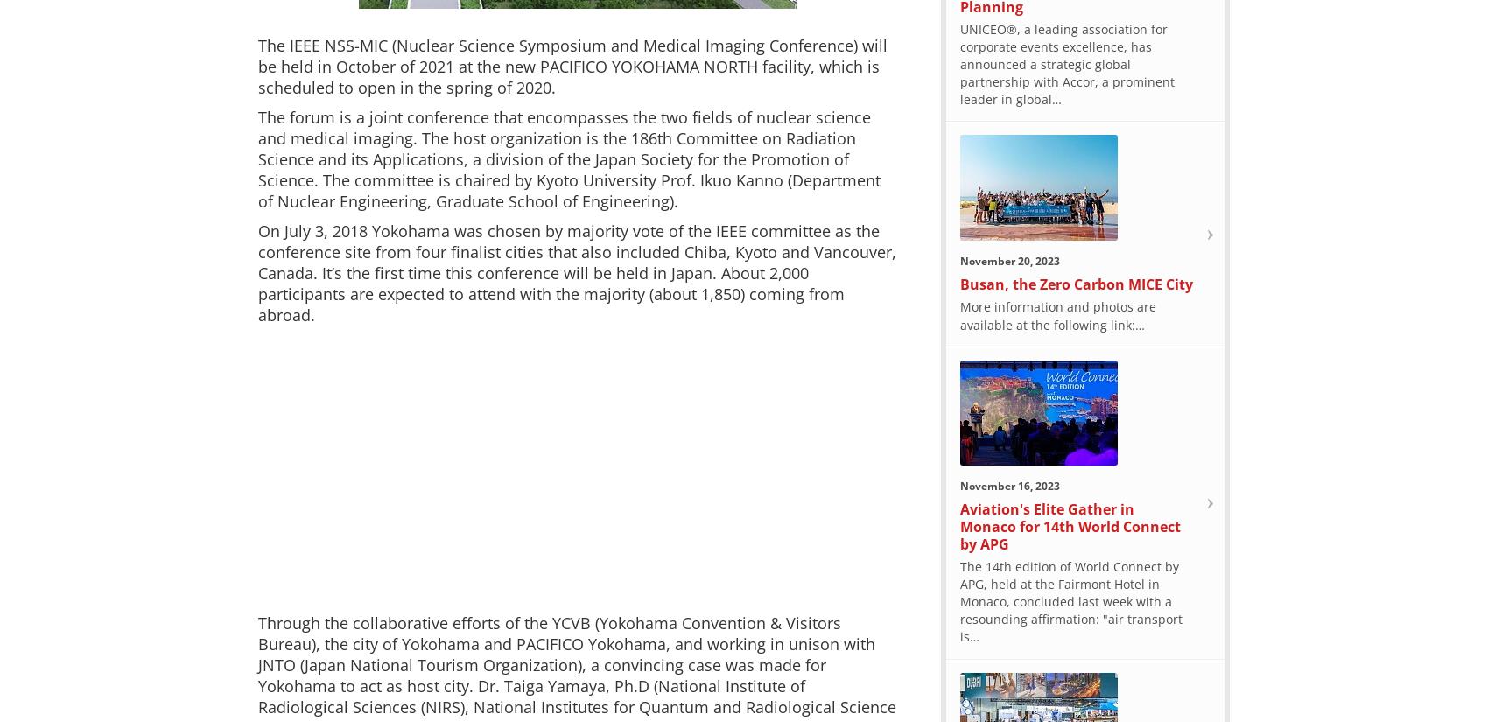 The height and width of the screenshot is (722, 1488). What do you see at coordinates (1070, 600) in the screenshot?
I see `'The 14th edition of World Connect by APG, held at the Fairmont Hotel in Monaco, concluded last week with a resounding affirmation: "air transport is…'` at bounding box center [1070, 600].